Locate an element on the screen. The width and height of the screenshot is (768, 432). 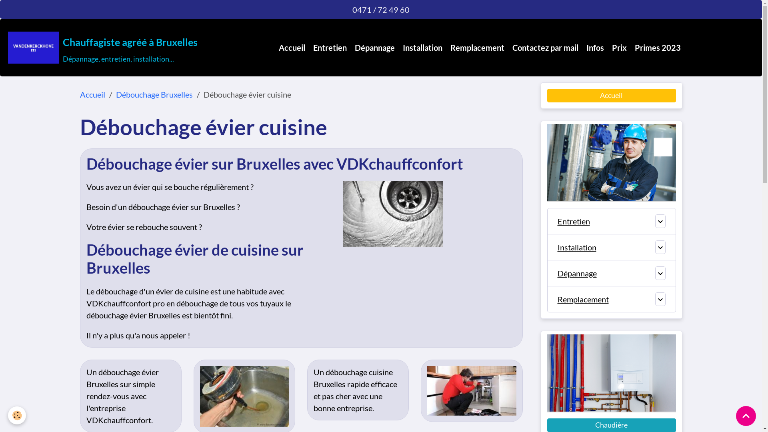
'Contactez par mail' is located at coordinates (545, 48).